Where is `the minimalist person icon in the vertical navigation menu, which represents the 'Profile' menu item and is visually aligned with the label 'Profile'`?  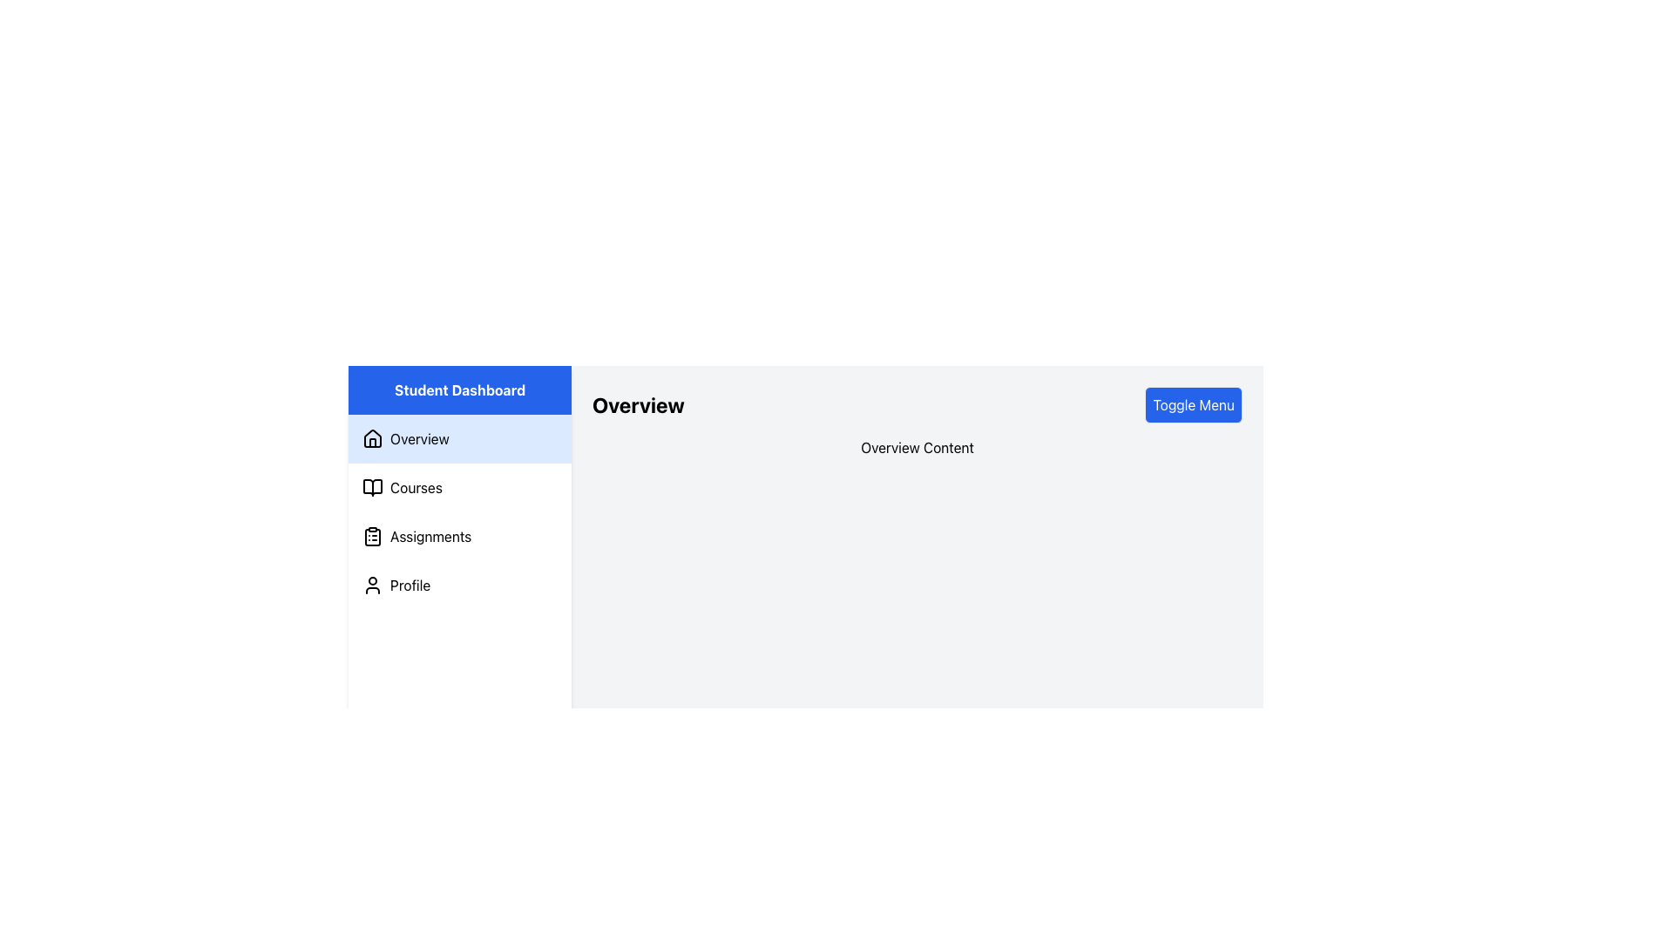
the minimalist person icon in the vertical navigation menu, which represents the 'Profile' menu item and is visually aligned with the label 'Profile' is located at coordinates (371, 585).